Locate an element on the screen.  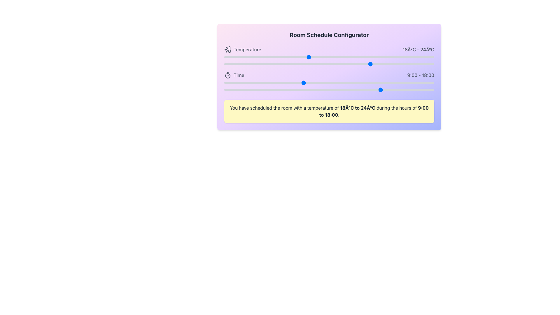
the time is located at coordinates (382, 90).